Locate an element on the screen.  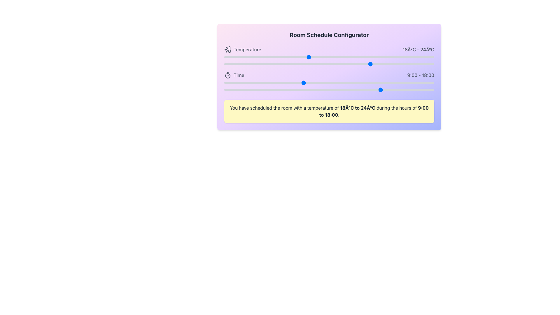
the time is located at coordinates (382, 90).